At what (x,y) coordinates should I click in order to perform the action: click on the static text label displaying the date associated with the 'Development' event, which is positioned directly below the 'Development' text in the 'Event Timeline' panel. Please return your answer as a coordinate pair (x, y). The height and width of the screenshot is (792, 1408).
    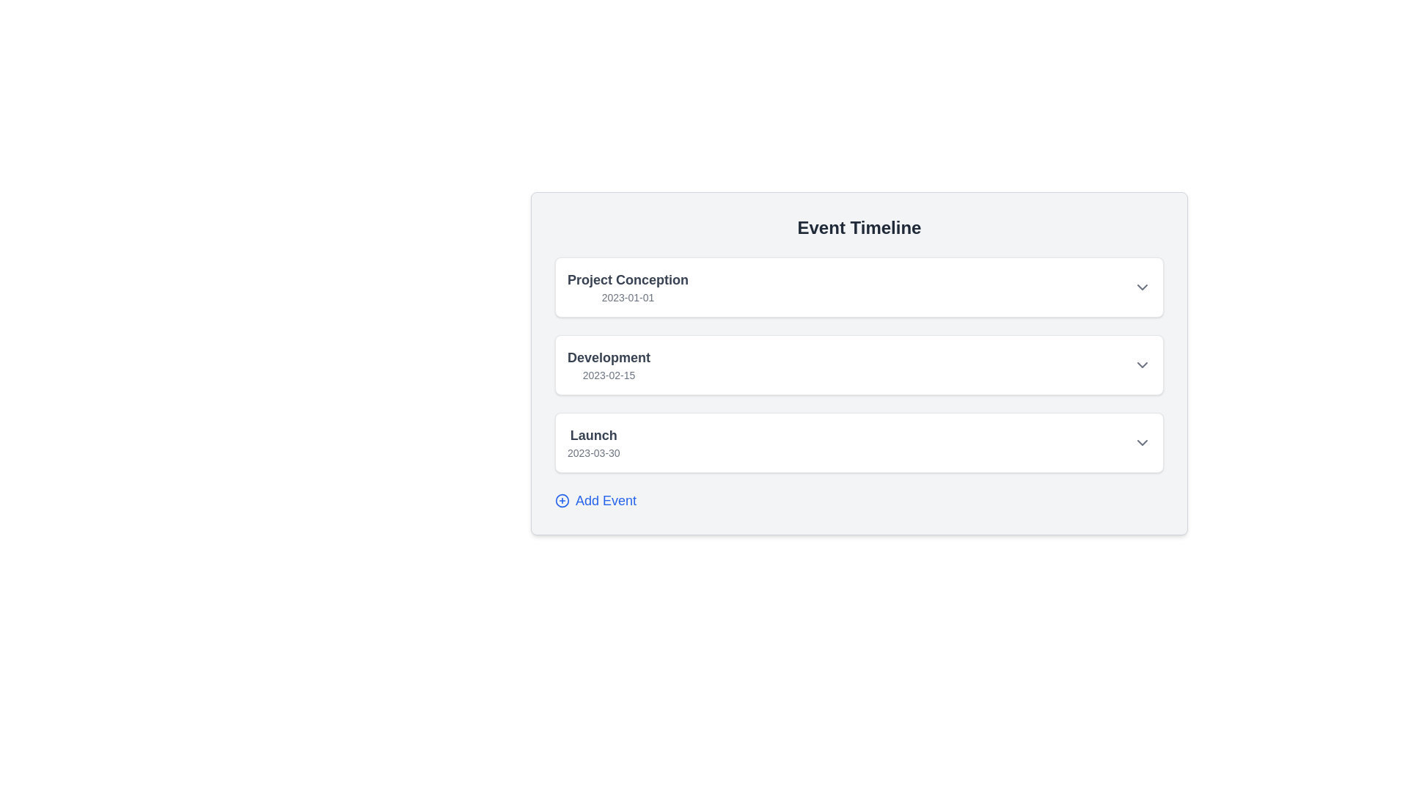
    Looking at the image, I should click on (609, 375).